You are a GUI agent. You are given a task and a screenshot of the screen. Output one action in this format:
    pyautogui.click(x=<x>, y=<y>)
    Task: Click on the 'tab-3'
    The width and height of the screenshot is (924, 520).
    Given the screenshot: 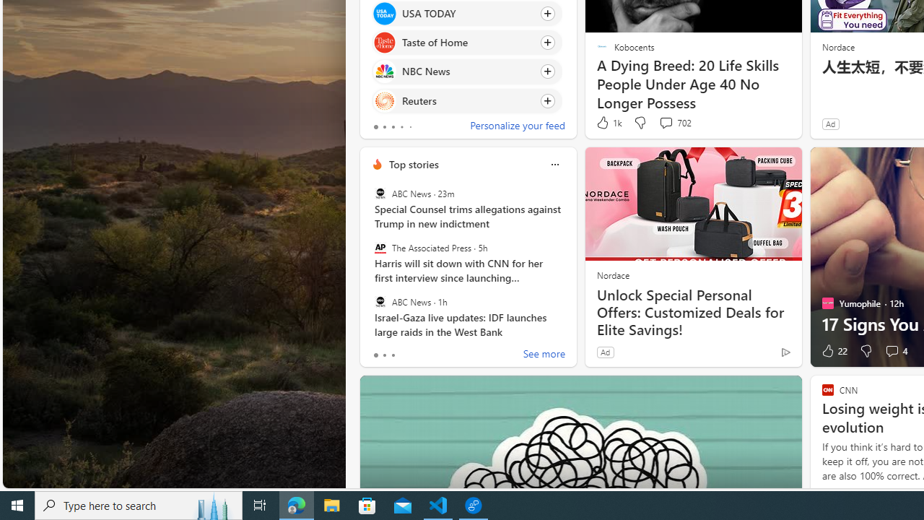 What is the action you would take?
    pyautogui.click(x=401, y=126)
    